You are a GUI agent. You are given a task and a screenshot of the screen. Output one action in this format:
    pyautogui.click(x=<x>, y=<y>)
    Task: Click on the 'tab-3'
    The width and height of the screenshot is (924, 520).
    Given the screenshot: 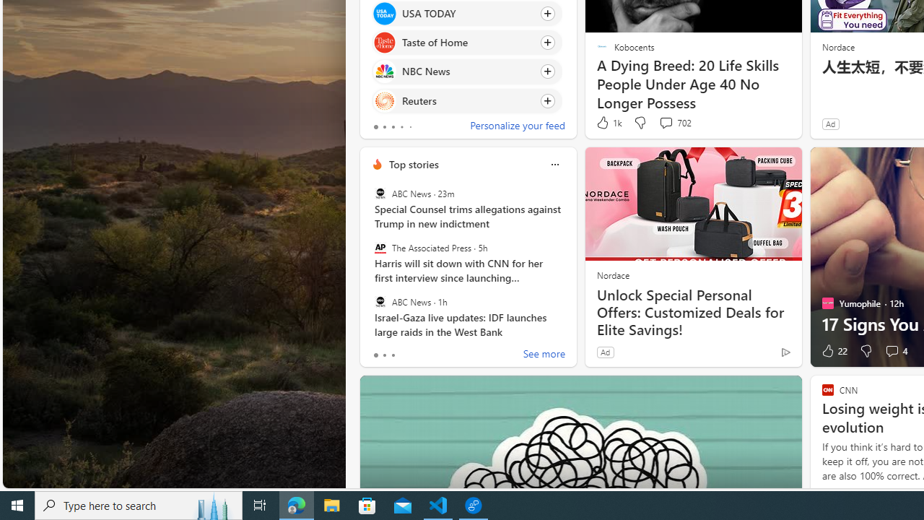 What is the action you would take?
    pyautogui.click(x=401, y=126)
    